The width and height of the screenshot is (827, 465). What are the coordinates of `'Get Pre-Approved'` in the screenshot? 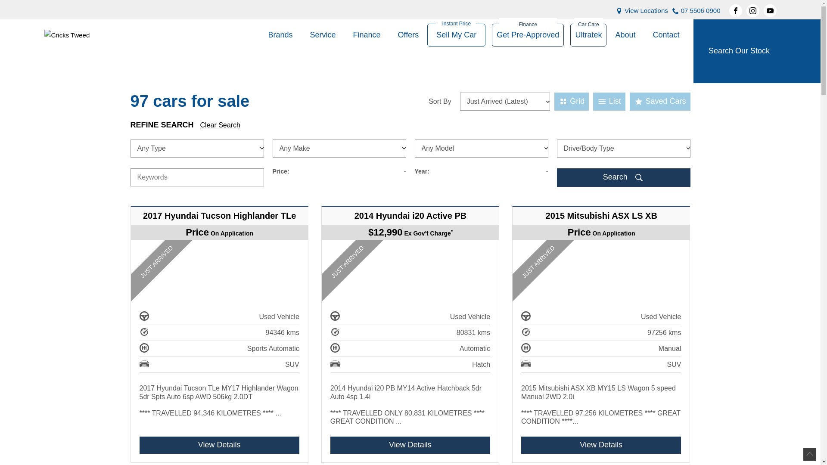 It's located at (527, 34).